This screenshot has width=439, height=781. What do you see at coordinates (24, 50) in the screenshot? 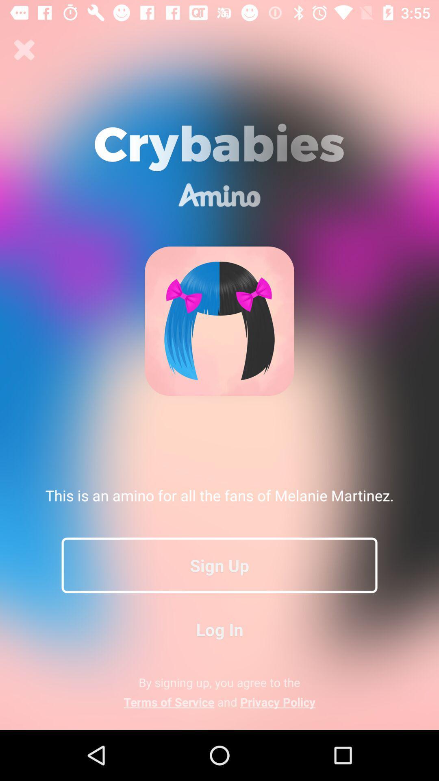
I see `the item above this is an app` at bounding box center [24, 50].